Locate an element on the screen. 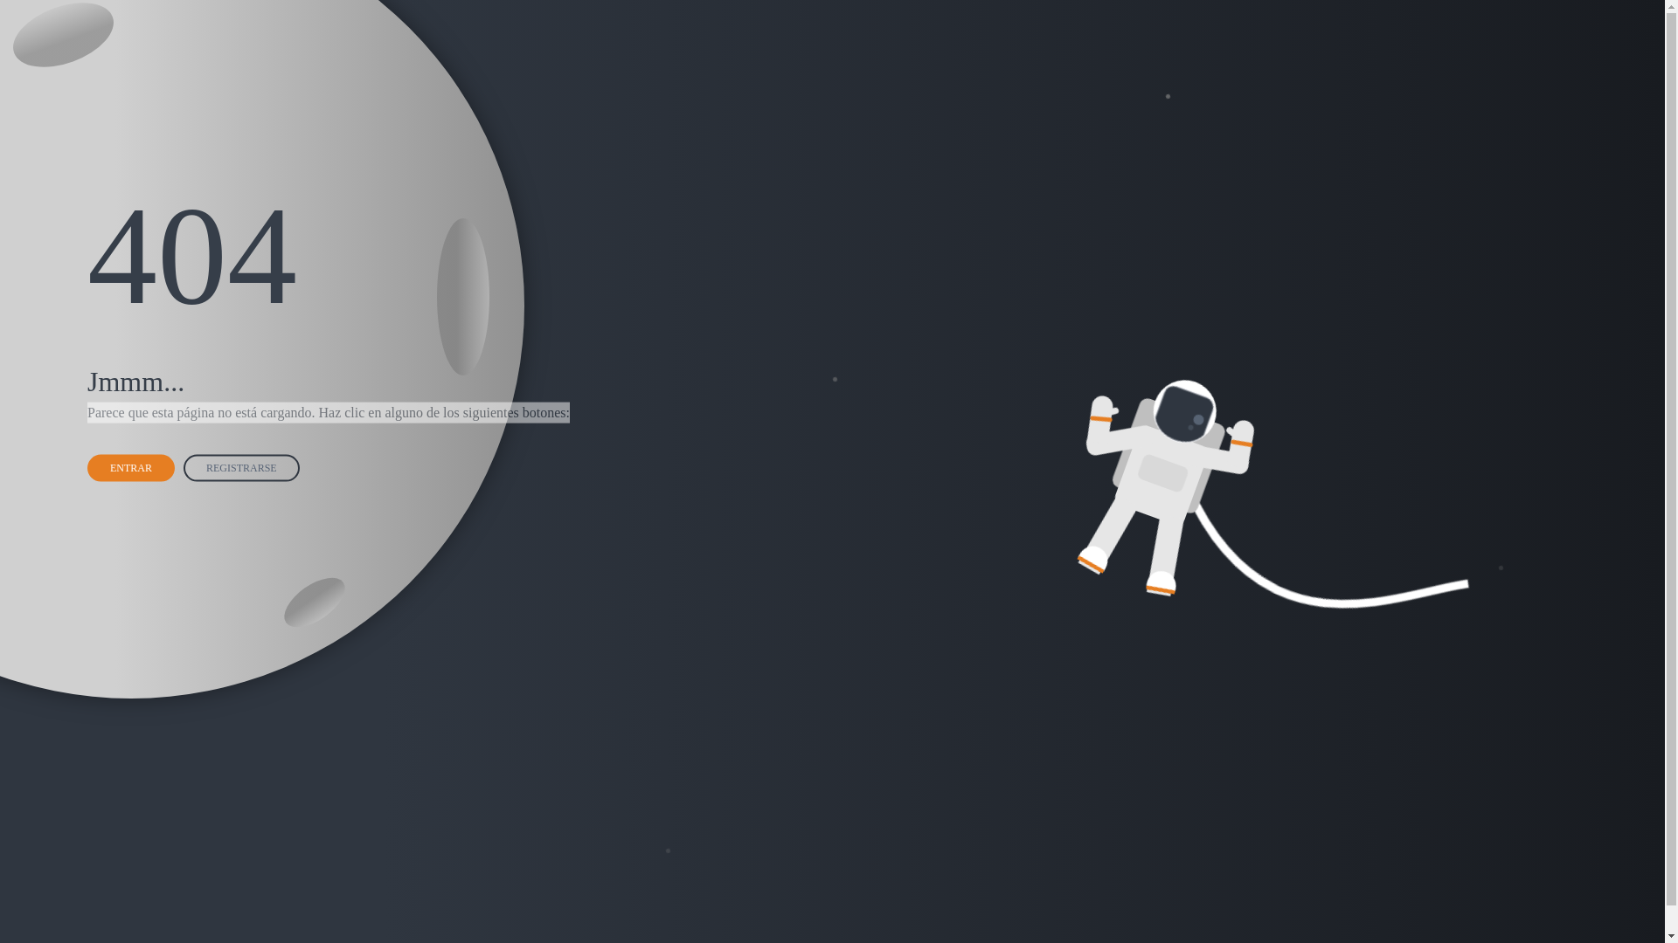 This screenshot has height=943, width=1678. 'REGISTRARSE' is located at coordinates (184, 467).